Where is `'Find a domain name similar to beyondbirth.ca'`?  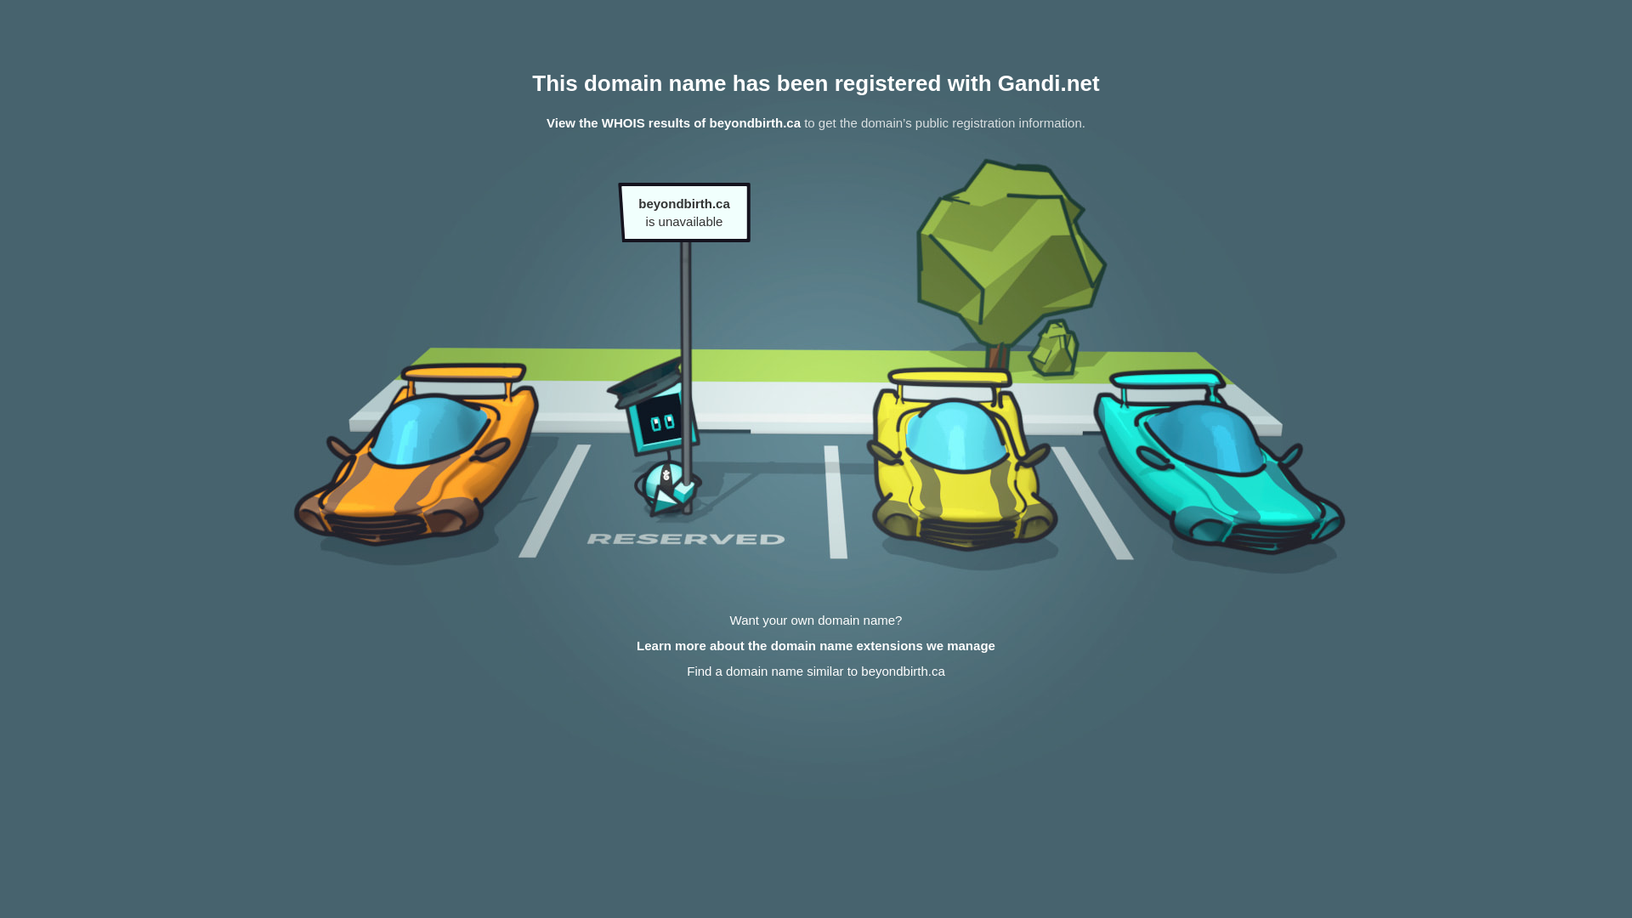
'Find a domain name similar to beyondbirth.ca' is located at coordinates (816, 670).